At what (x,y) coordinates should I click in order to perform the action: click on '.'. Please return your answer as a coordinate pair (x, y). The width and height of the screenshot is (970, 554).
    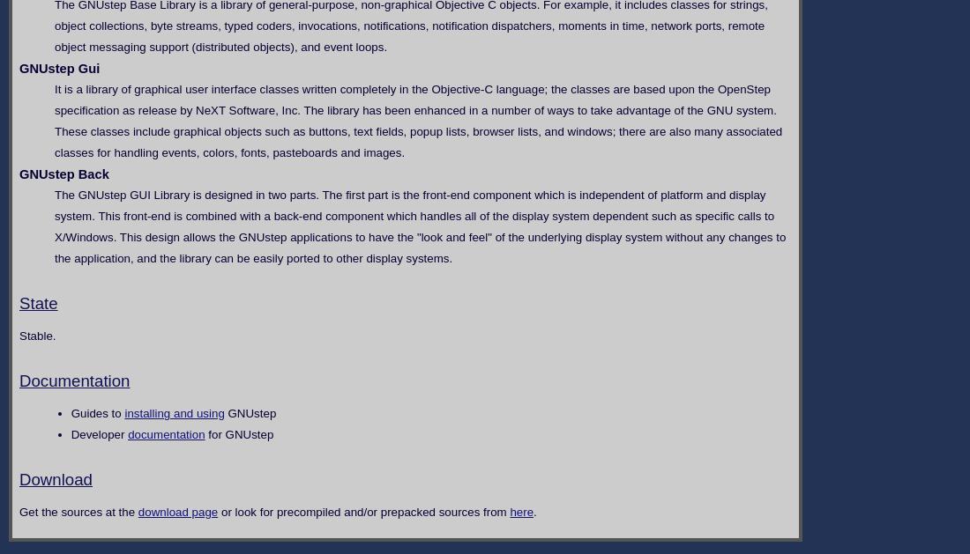
    Looking at the image, I should click on (533, 511).